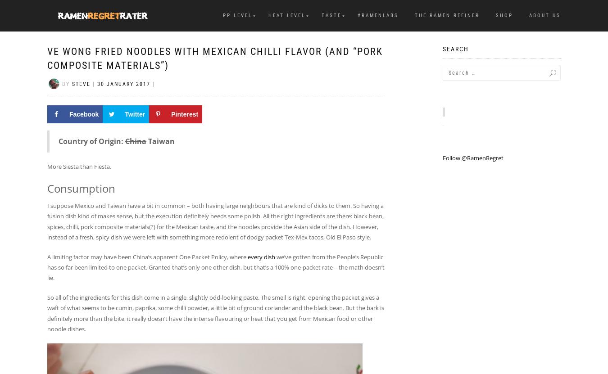  What do you see at coordinates (124, 114) in the screenshot?
I see `'Twitter'` at bounding box center [124, 114].